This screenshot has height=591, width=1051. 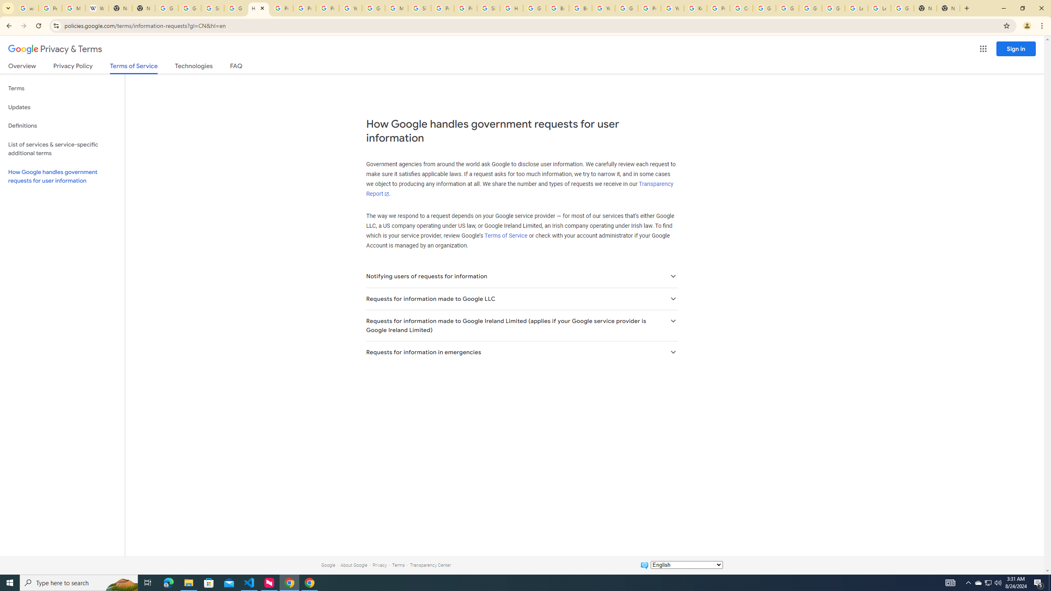 What do you see at coordinates (810, 8) in the screenshot?
I see `'Google Account Help'` at bounding box center [810, 8].